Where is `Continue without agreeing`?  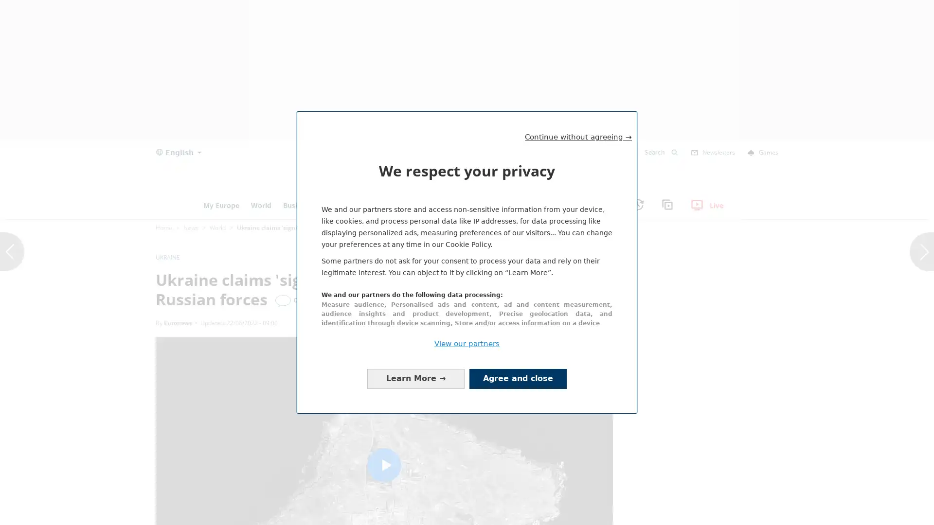 Continue without agreeing is located at coordinates (464, 124).